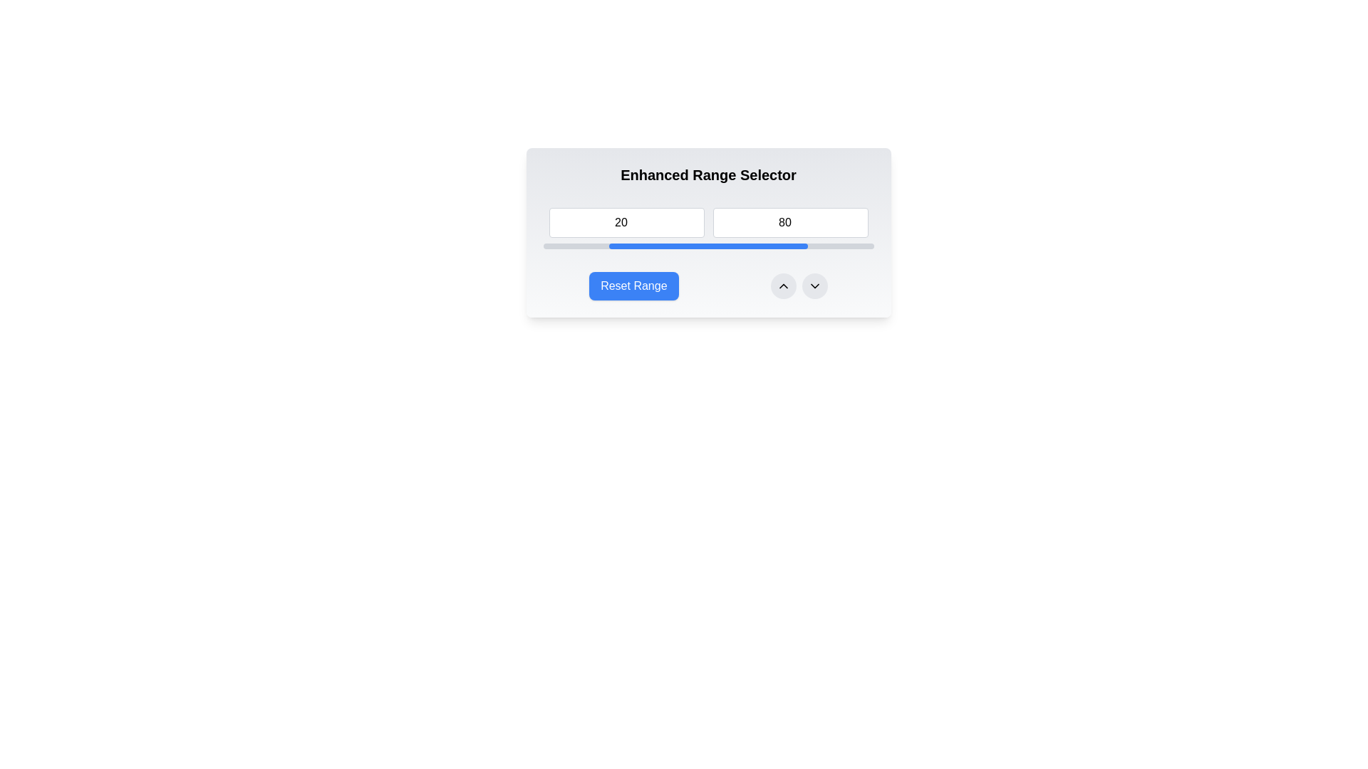 This screenshot has width=1368, height=769. I want to click on and drag the filled portion of the range slider located below the numeric input boxes labeled 20 and 80 to adjust the range, so click(708, 246).